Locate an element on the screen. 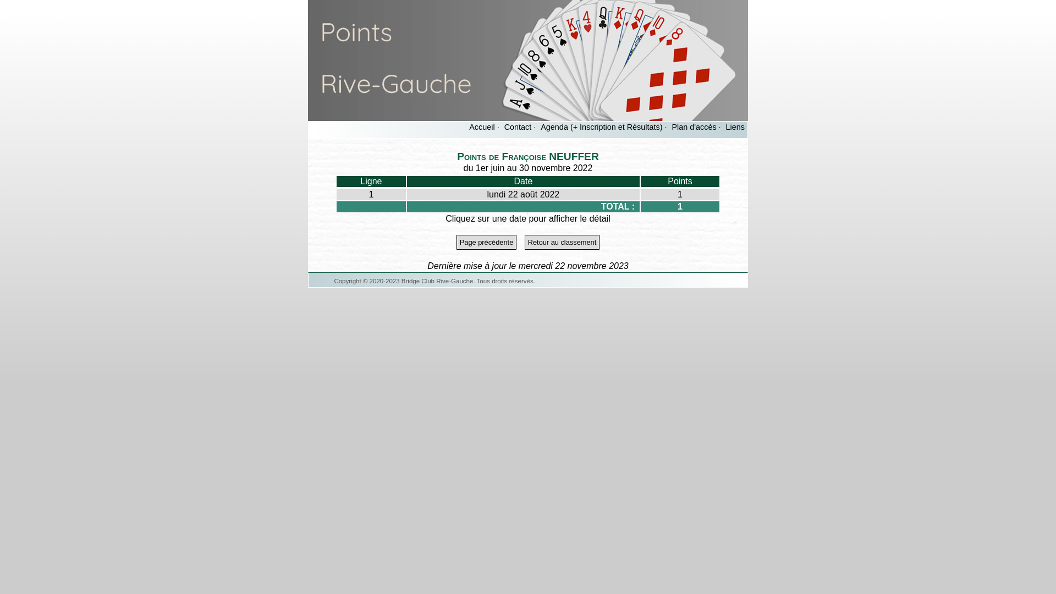 The image size is (1056, 594). 'Liens' is located at coordinates (735, 127).